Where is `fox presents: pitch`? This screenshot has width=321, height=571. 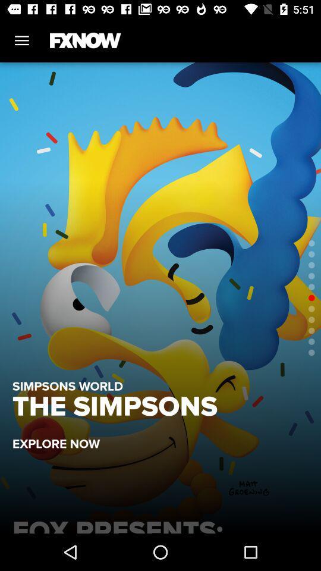 fox presents: pitch is located at coordinates (160, 523).